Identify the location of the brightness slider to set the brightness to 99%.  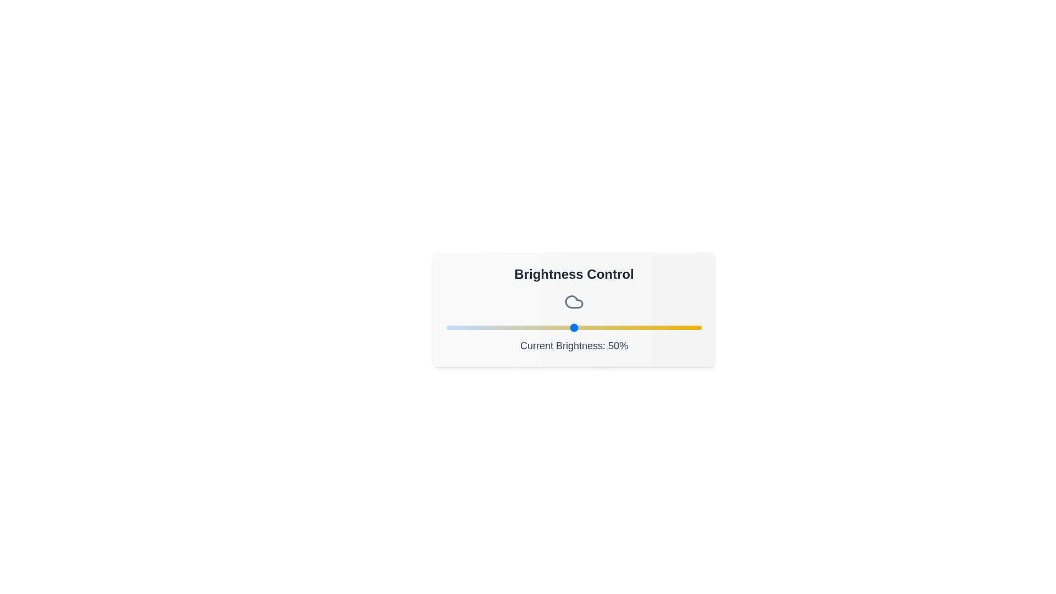
(698, 327).